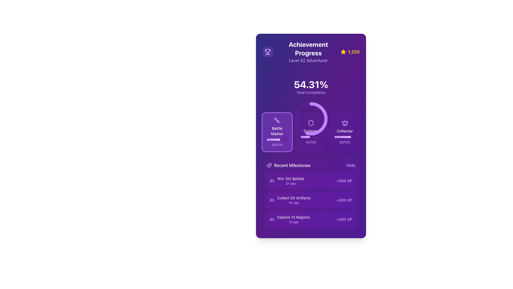 The height and width of the screenshot is (289, 513). What do you see at coordinates (277, 132) in the screenshot?
I see `progress bar labeled 'Battle Master' which visually communicates a progress level of 65/100` at bounding box center [277, 132].